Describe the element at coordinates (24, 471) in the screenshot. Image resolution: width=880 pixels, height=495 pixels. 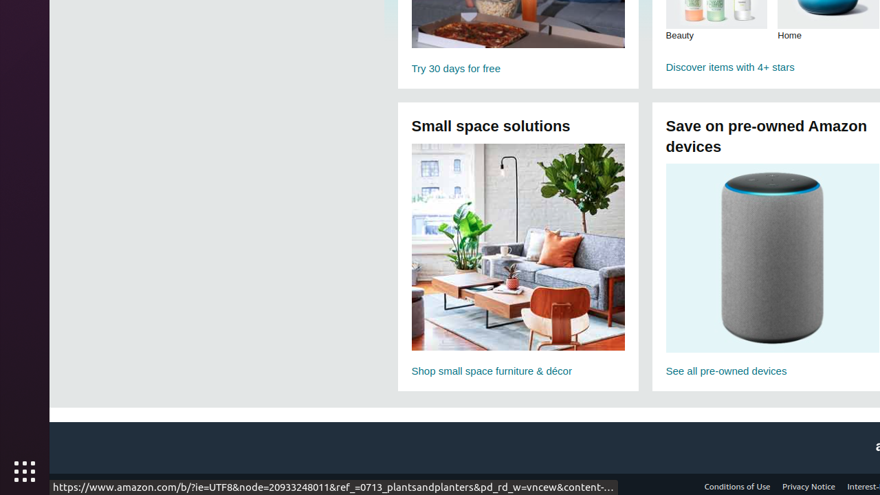
I see `'Show Applications'` at that location.